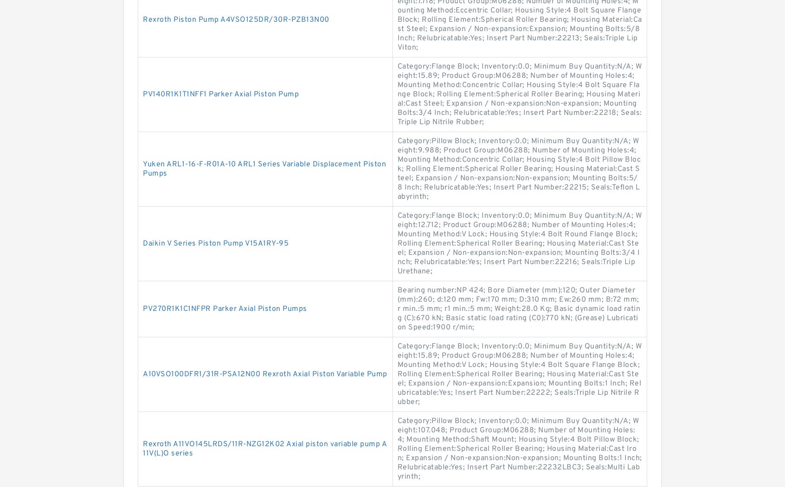 This screenshot has height=487, width=785. I want to click on 'Category:Pillow Block; Inventory:0.0; Minimum Buy Quantity:N/A; Weight:107.048; Product Group:M06288; Number of Mounting Holes:4; Mounting Method:Shaft Mount; Housing Style:4 Bolt Pillow Block; Rolling Element:Spherical Roller Bearing; Housing Material:Cast Iron; Expansion / Non-expansion:Non-expansion; Mounting Bolts:1 Inch; Relubricatable:Yes; Insert Part Number:22232LBC3; Seals:Multi Labyrinth;', so click(396, 449).